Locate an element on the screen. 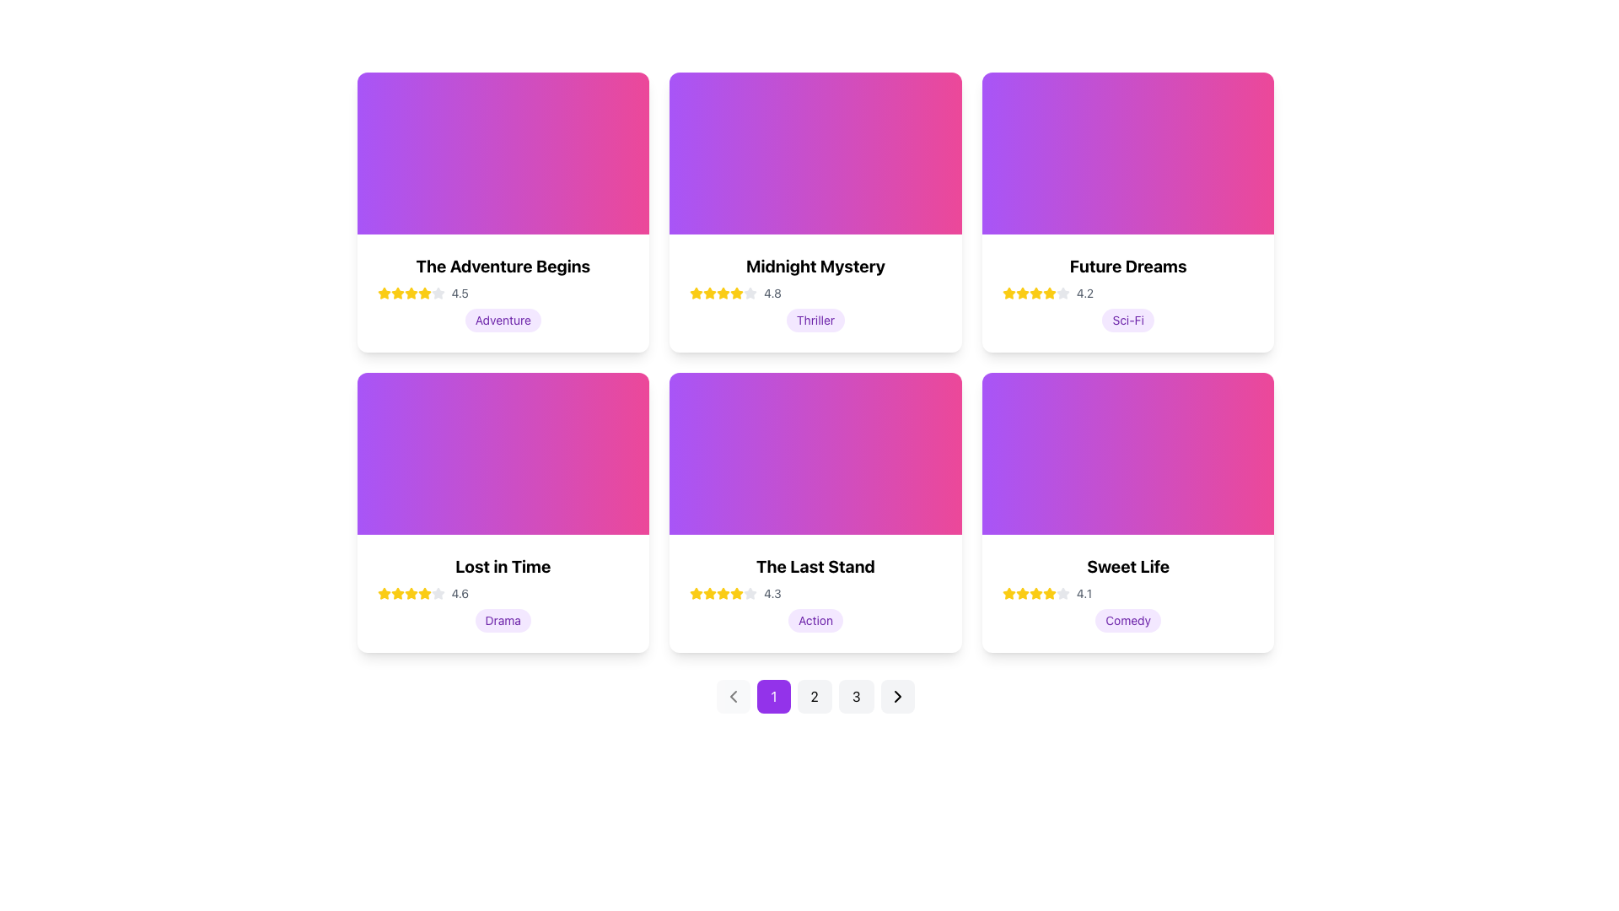 This screenshot has height=911, width=1619. the fourth star in the five-star rating component under the 'Sweet Life' card located in the bottom-right corner of the grid is located at coordinates (1048, 592).